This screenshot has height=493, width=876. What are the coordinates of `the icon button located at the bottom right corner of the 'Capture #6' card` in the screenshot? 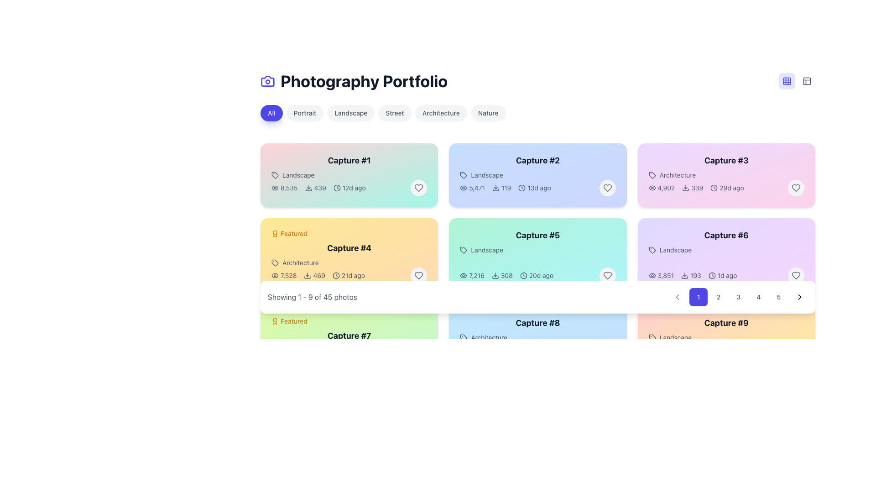 It's located at (796, 275).